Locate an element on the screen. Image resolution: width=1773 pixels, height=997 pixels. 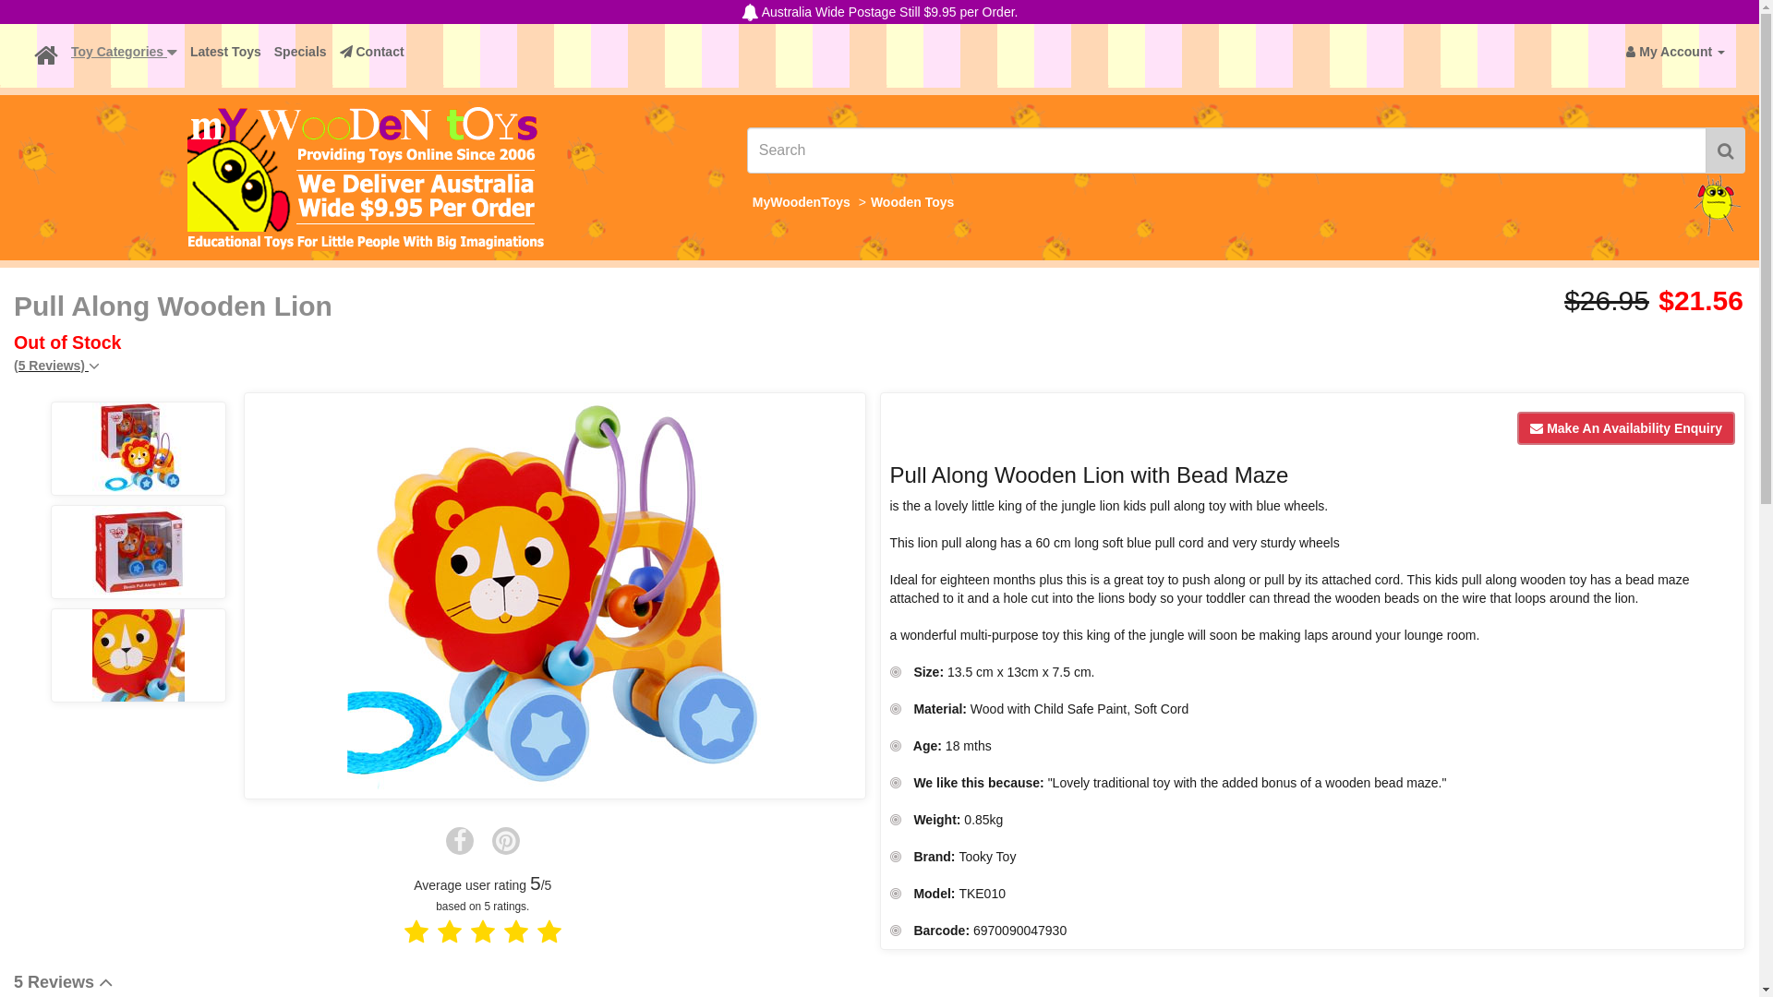
'Contact' is located at coordinates (371, 51).